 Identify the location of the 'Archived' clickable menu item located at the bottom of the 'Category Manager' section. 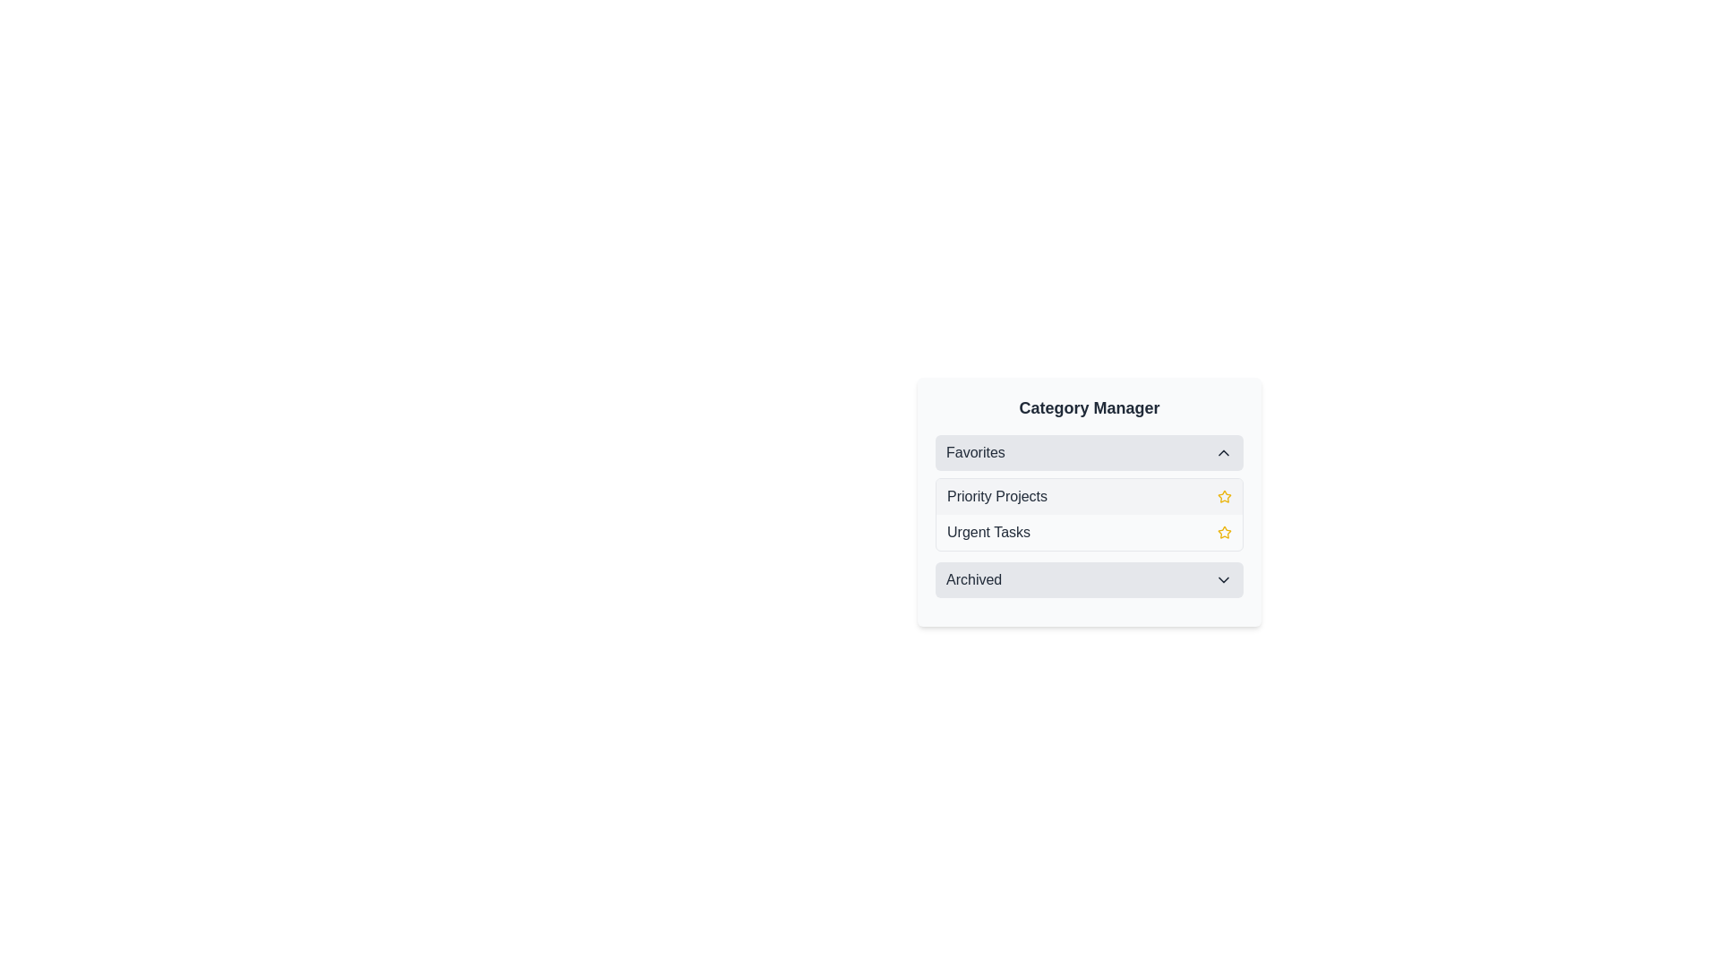
(1089, 580).